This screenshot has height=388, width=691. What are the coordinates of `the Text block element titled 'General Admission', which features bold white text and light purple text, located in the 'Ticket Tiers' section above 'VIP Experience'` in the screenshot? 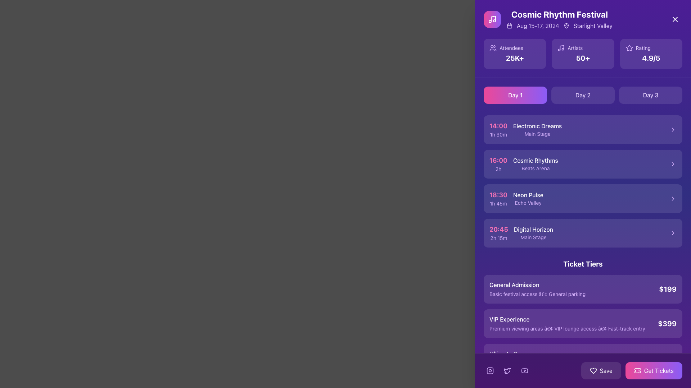 It's located at (537, 289).